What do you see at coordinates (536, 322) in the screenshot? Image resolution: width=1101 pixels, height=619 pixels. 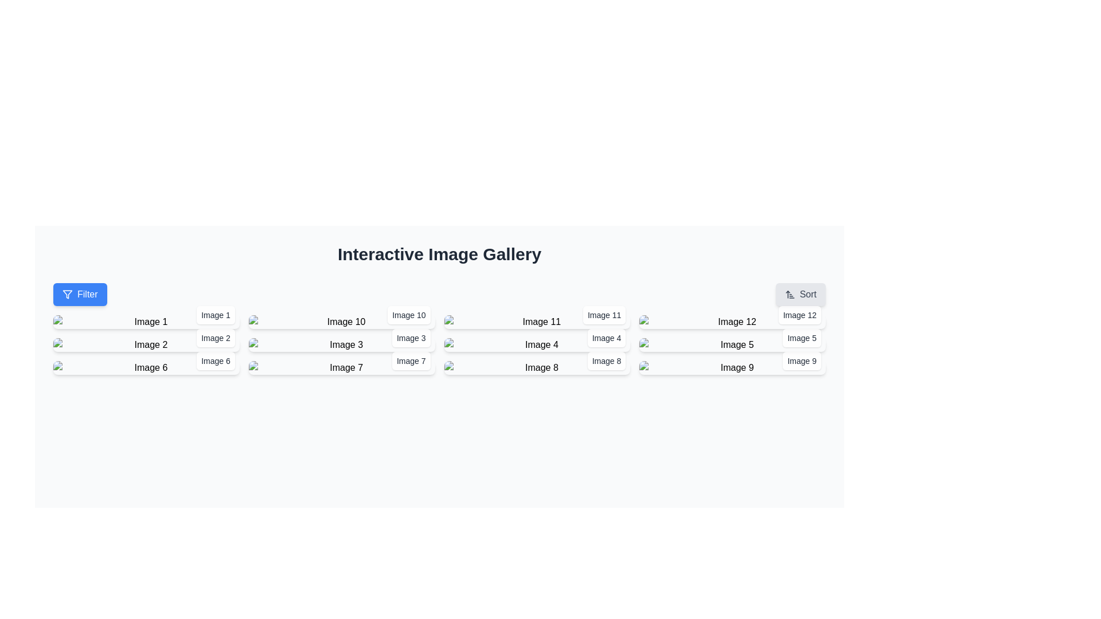 I see `the 'Image 11' card` at bounding box center [536, 322].